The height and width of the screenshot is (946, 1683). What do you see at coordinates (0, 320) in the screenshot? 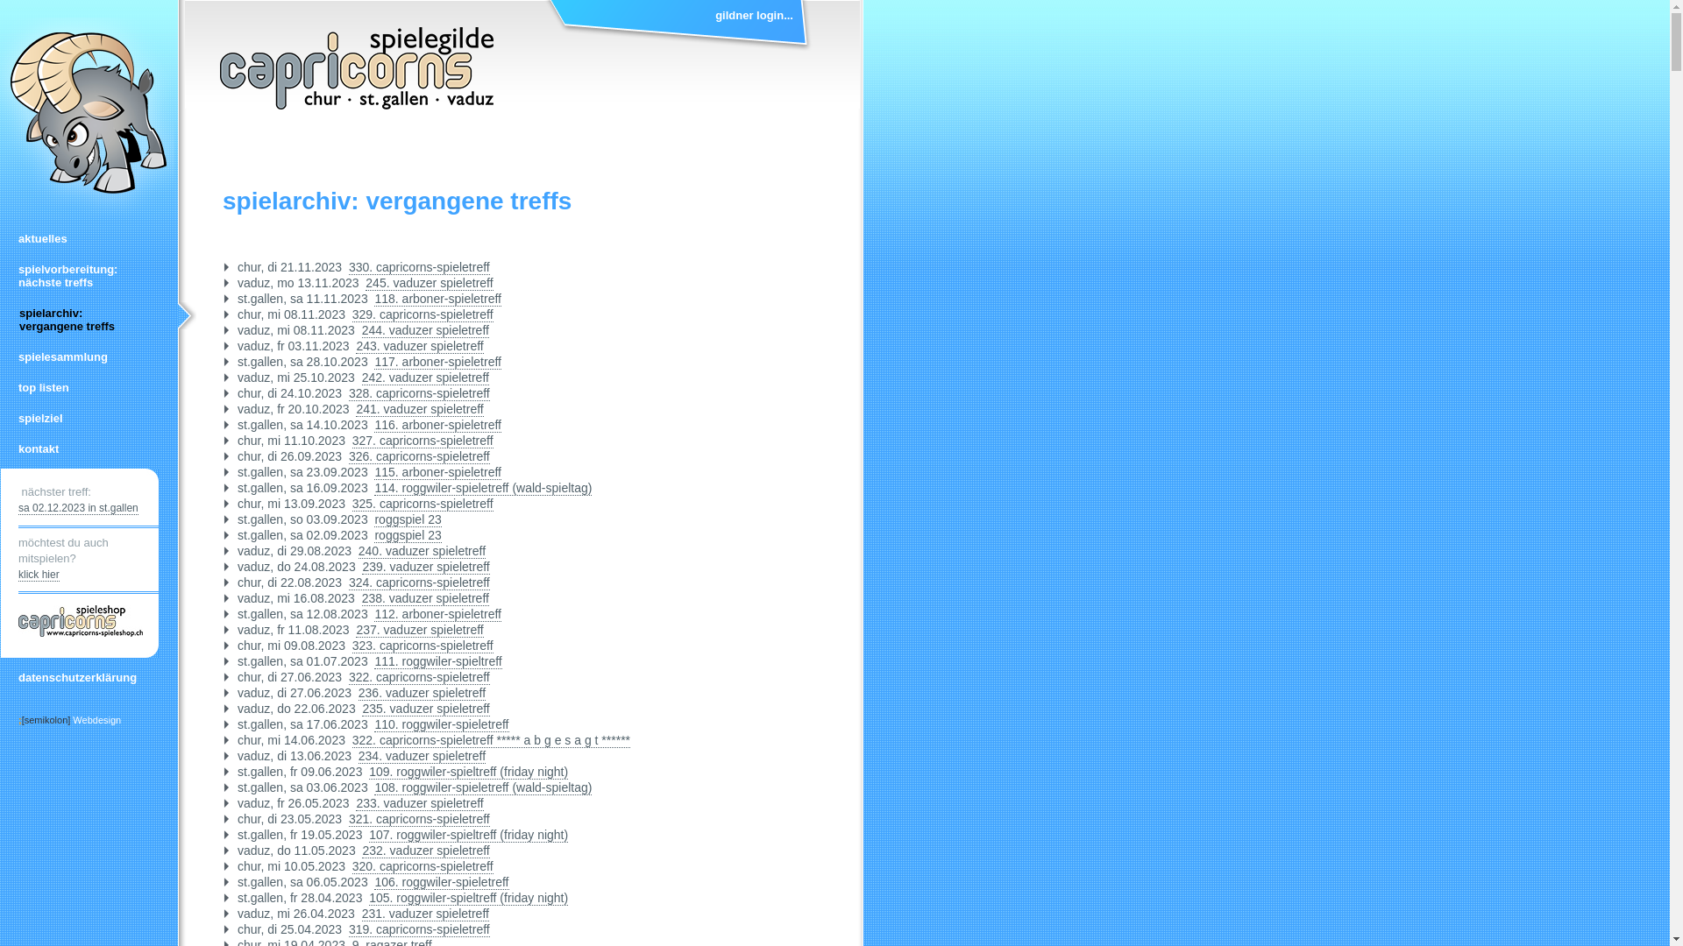
I see `'spielarchiv:` at bounding box center [0, 320].